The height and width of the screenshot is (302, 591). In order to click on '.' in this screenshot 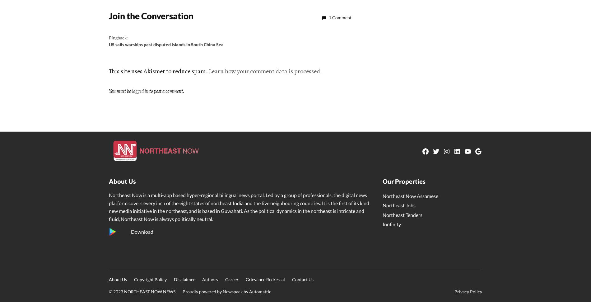, I will do `click(321, 71)`.